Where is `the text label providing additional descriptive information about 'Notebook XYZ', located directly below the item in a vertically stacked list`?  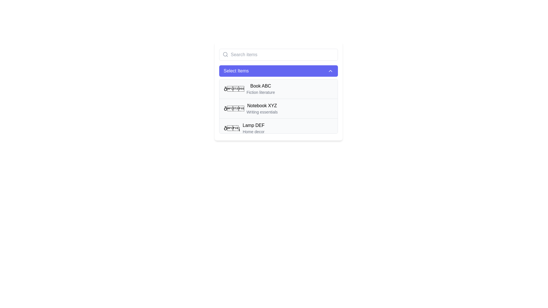
the text label providing additional descriptive information about 'Notebook XYZ', located directly below the item in a vertically stacked list is located at coordinates (262, 112).